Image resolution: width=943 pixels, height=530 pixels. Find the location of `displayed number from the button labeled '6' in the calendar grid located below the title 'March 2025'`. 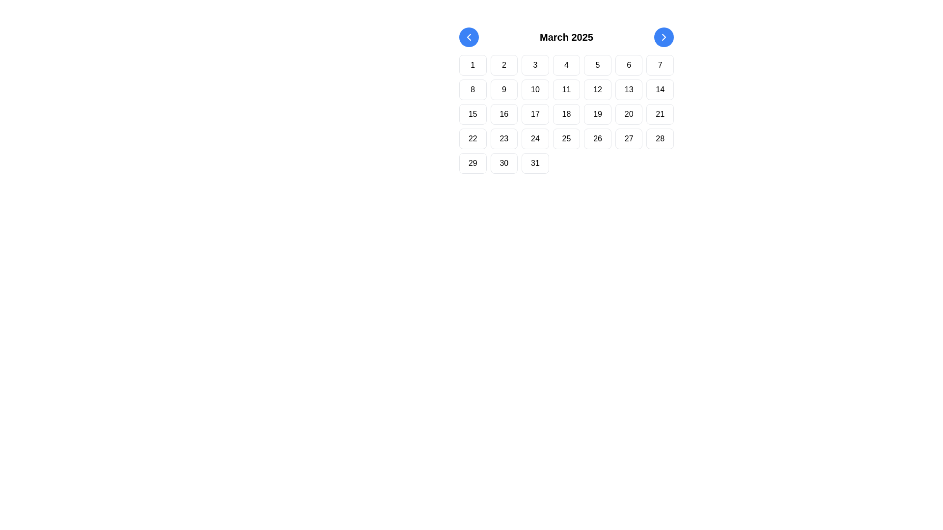

displayed number from the button labeled '6' in the calendar grid located below the title 'March 2025' is located at coordinates (629, 65).